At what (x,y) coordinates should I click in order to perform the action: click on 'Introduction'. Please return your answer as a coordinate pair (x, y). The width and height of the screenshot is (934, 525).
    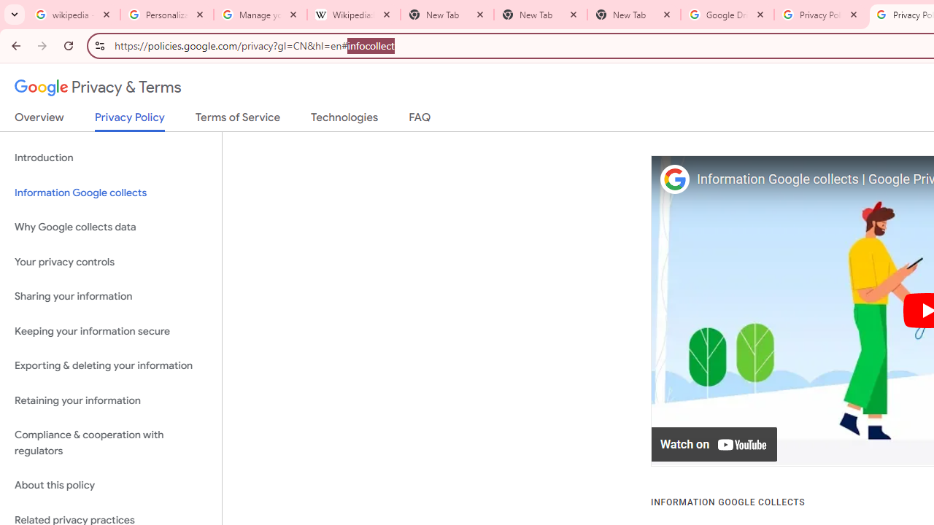
    Looking at the image, I should click on (110, 158).